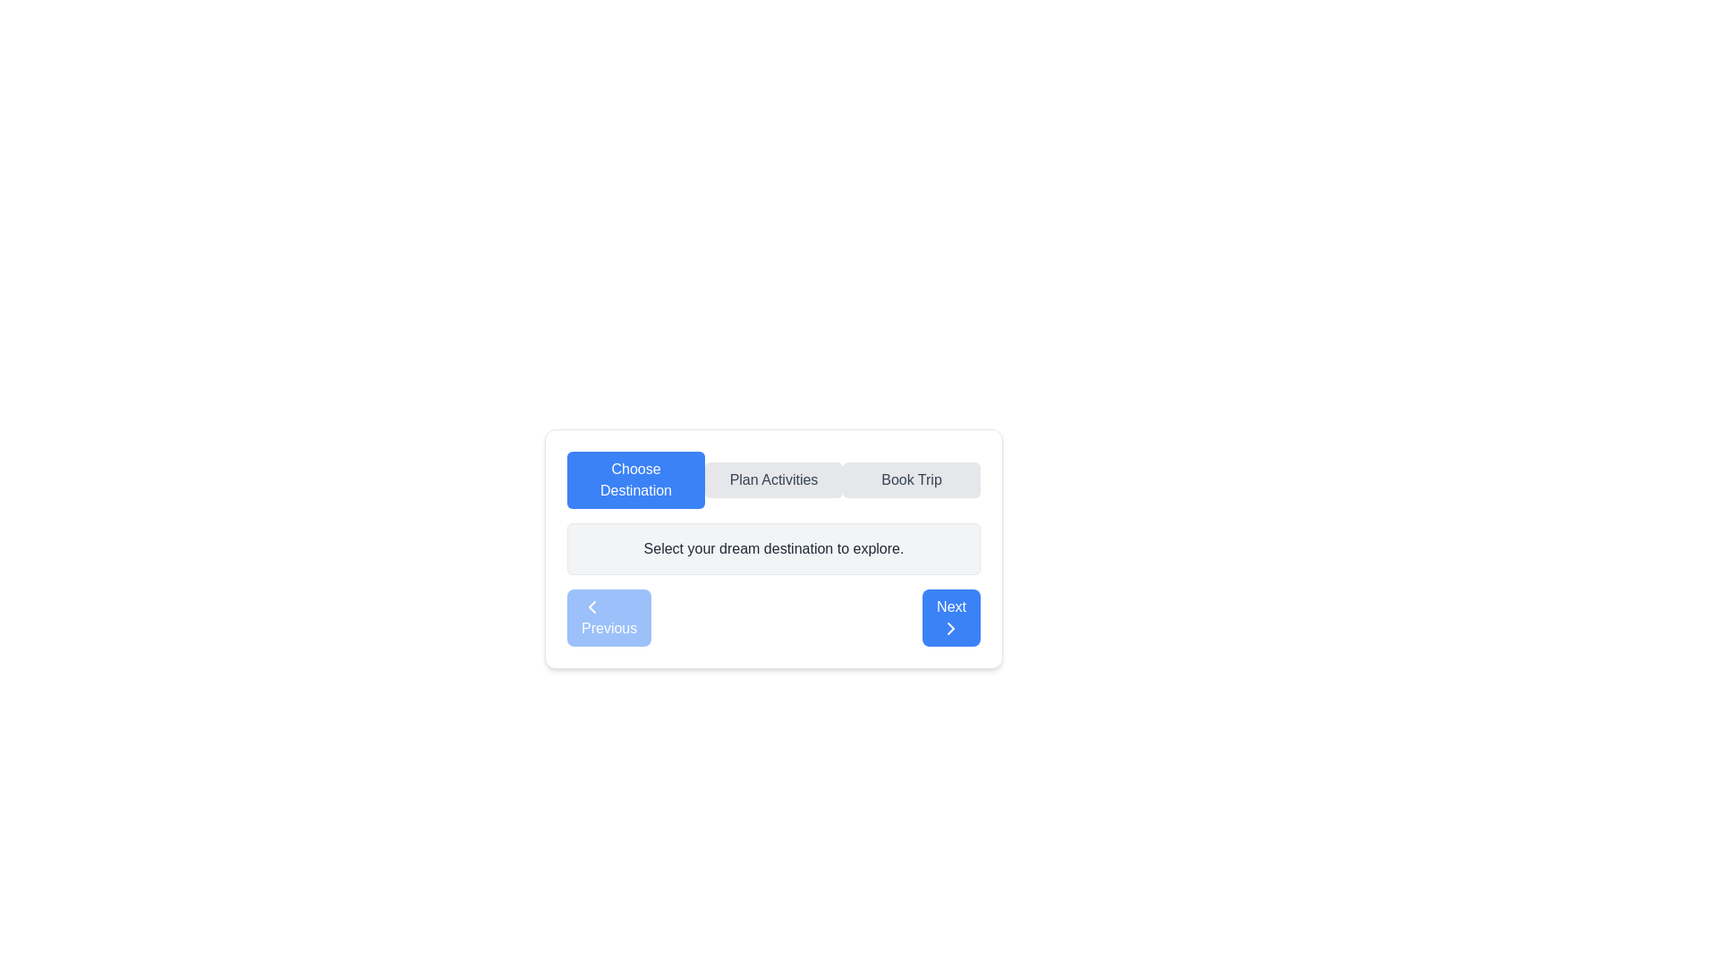 The height and width of the screenshot is (966, 1718). I want to click on the 'Book Trip' button, which is the third button in a row of three located at the top right of the interface, so click(911, 479).